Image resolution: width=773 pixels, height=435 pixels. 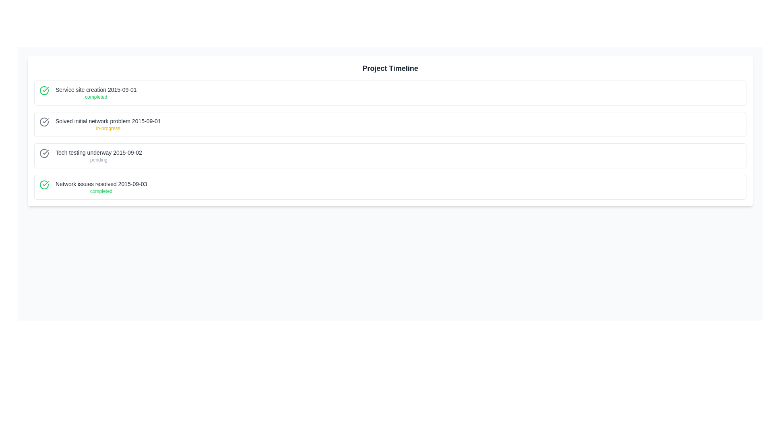 What do you see at coordinates (96, 93) in the screenshot?
I see `the text displayed in the first List Item with Text and Status Indicator for the task 'Service site creation', located in the upper left quadrant beneath the 'Project Timeline' header` at bounding box center [96, 93].